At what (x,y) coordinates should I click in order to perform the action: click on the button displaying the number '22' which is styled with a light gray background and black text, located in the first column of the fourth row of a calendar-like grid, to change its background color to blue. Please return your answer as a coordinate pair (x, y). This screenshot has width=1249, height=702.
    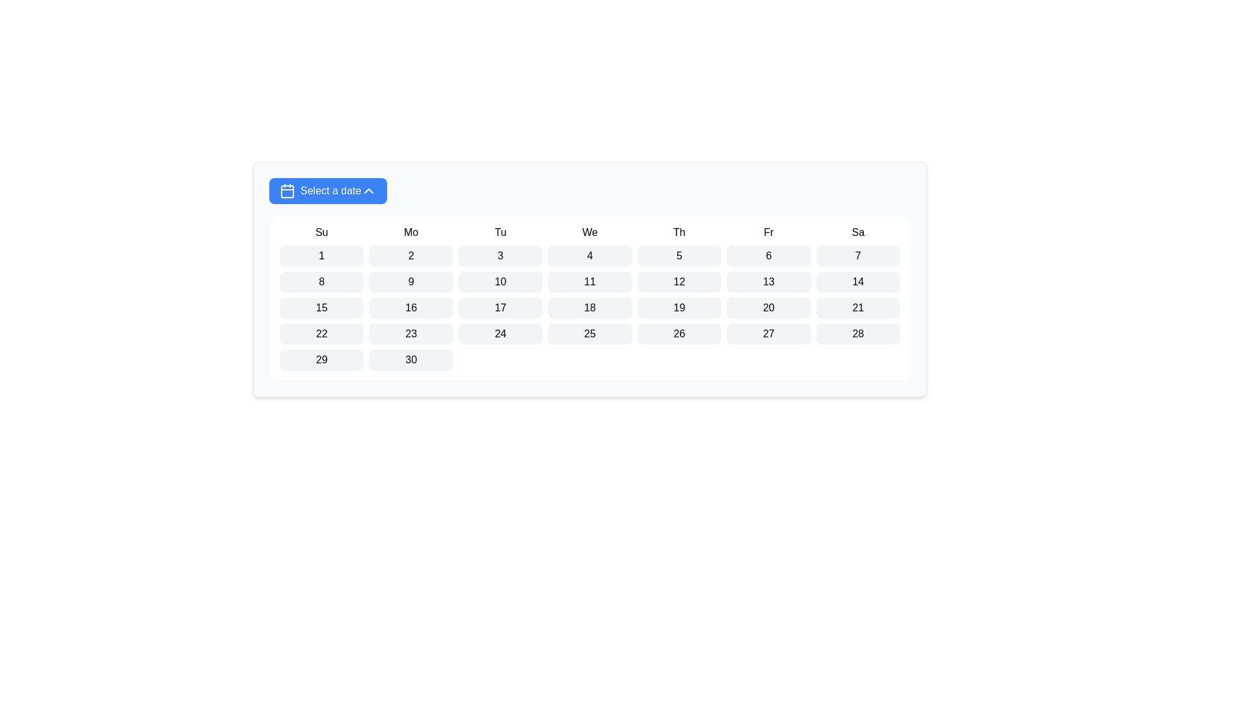
    Looking at the image, I should click on (321, 333).